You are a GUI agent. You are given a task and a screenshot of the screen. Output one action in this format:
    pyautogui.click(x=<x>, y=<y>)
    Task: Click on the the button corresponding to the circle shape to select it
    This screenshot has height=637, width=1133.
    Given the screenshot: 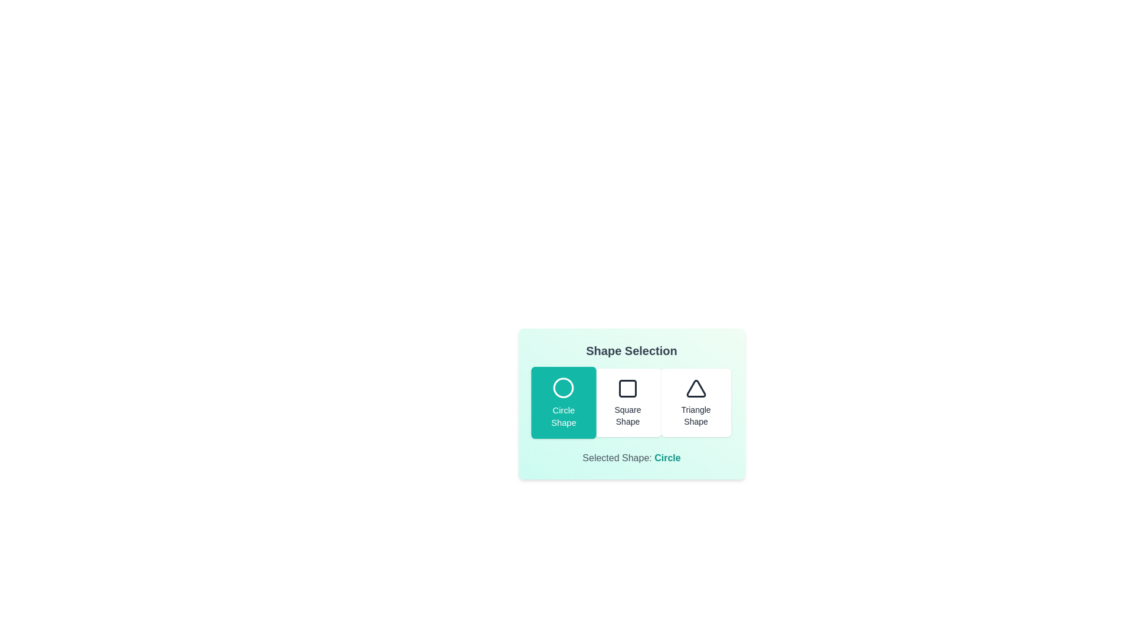 What is the action you would take?
    pyautogui.click(x=562, y=402)
    